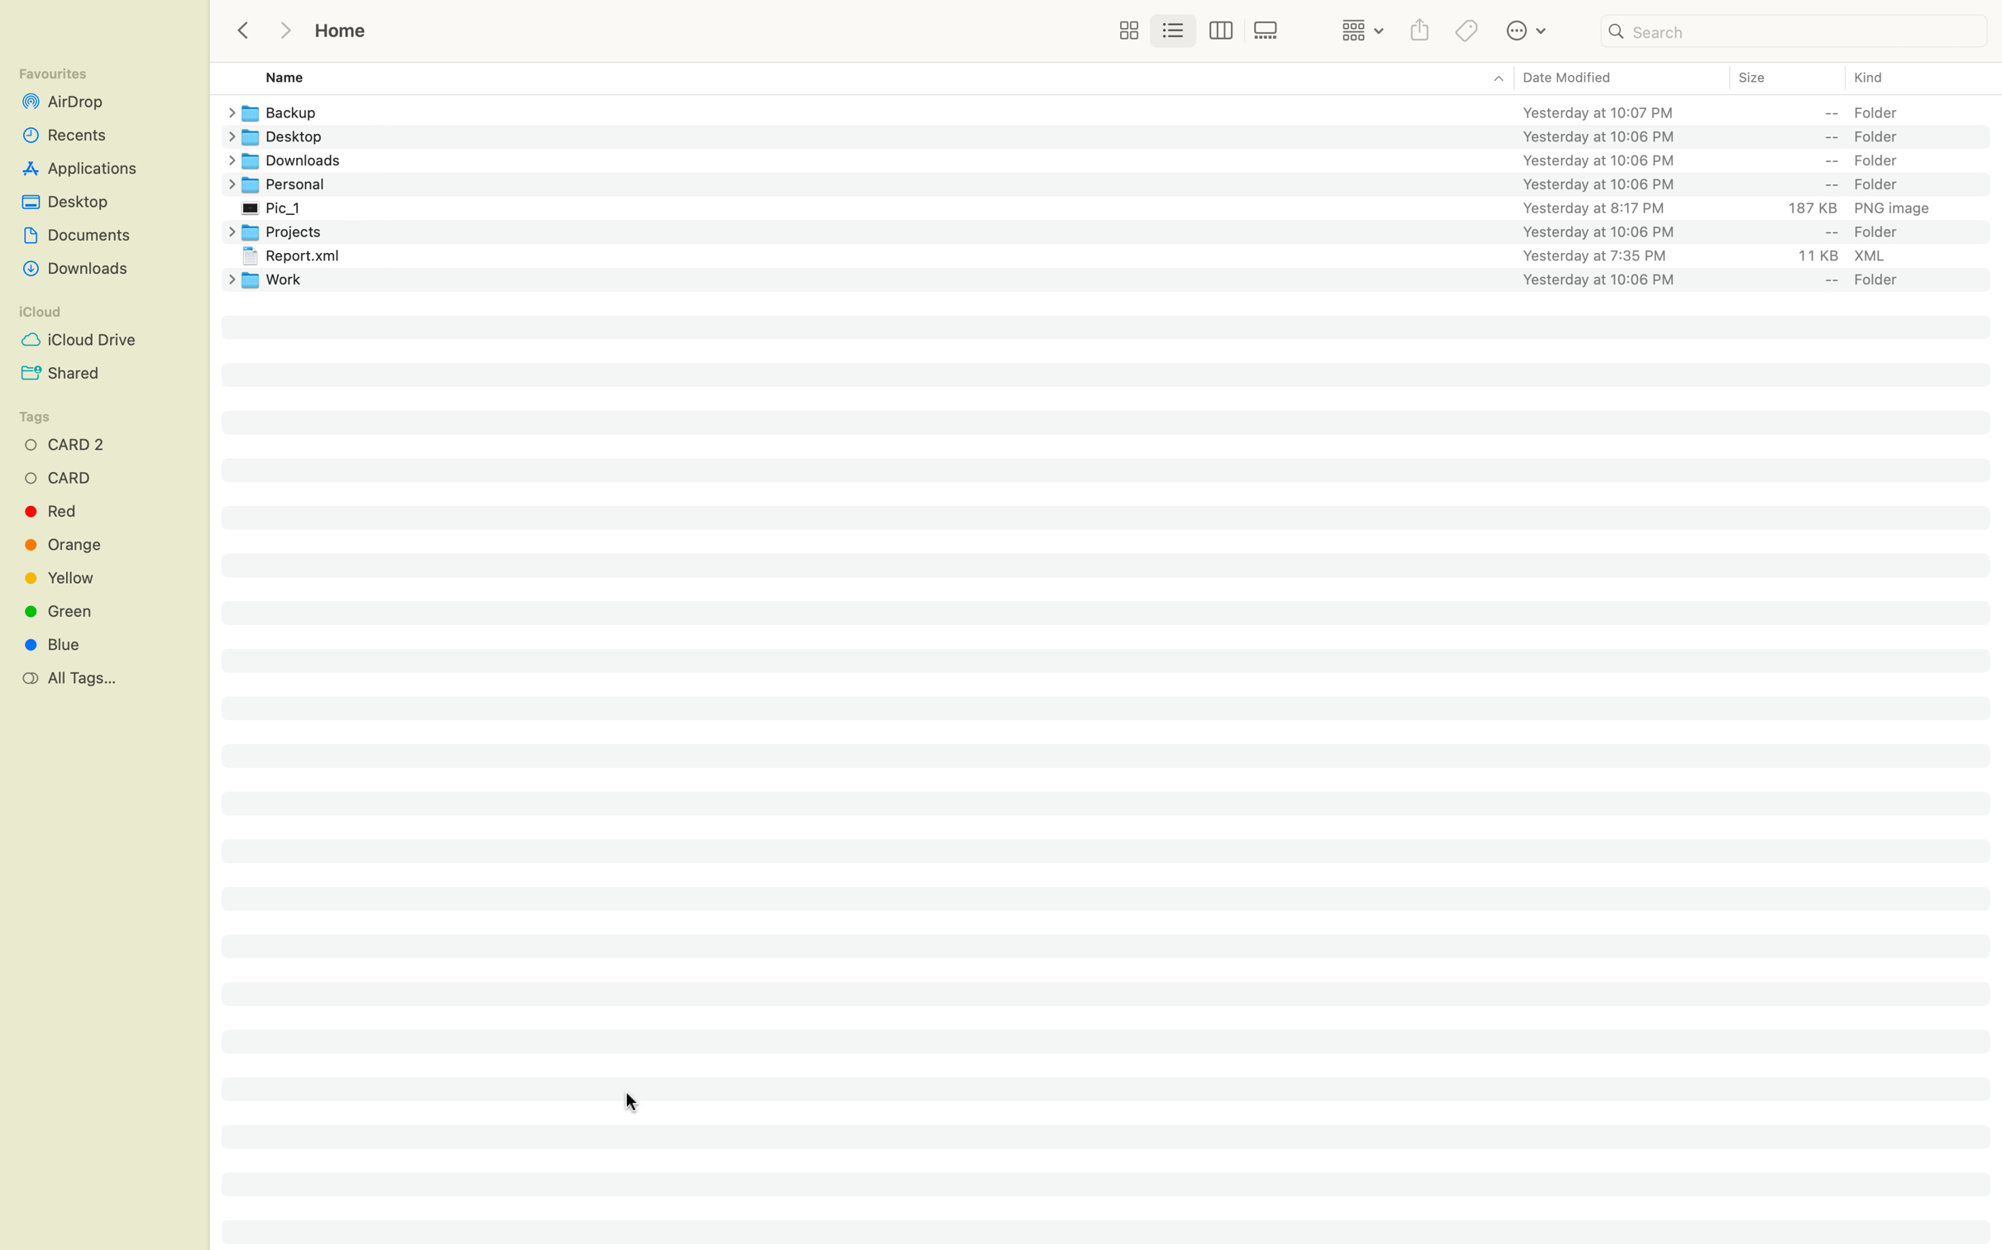  What do you see at coordinates (1119, 135) in the screenshot?
I see `Update the Desktop folder"s name to "My Desktop` at bounding box center [1119, 135].